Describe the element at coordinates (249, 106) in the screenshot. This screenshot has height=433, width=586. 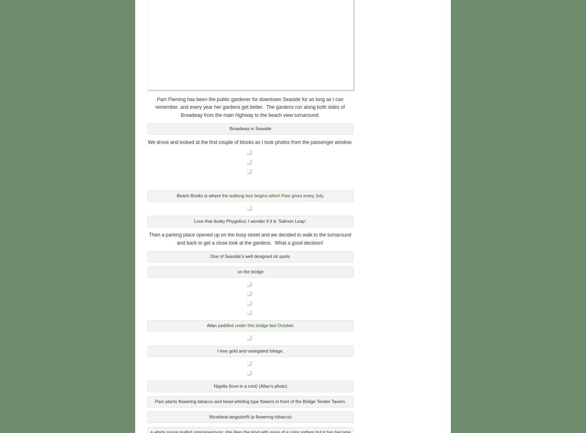
I see `'Pam Fleming has been the public gardener for downtown Seaside for as long as I can remember, and every year her gardens get better.  The gardens run along both sides of Broadway from the main highway to the beach view turnaround.'` at that location.